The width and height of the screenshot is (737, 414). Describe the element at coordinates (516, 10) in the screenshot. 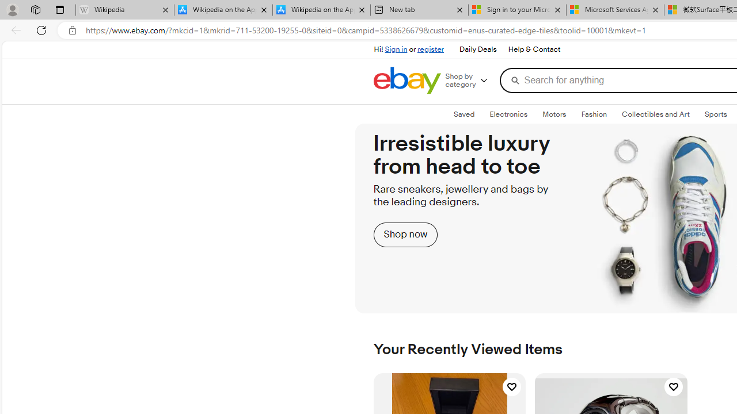

I see `'Sign in to your Microsoft account'` at that location.